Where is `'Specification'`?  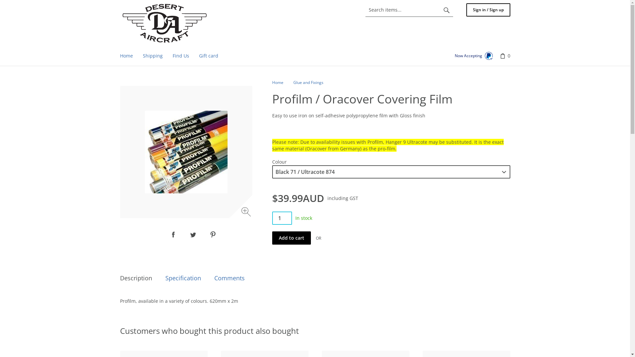 'Specification' is located at coordinates (183, 278).